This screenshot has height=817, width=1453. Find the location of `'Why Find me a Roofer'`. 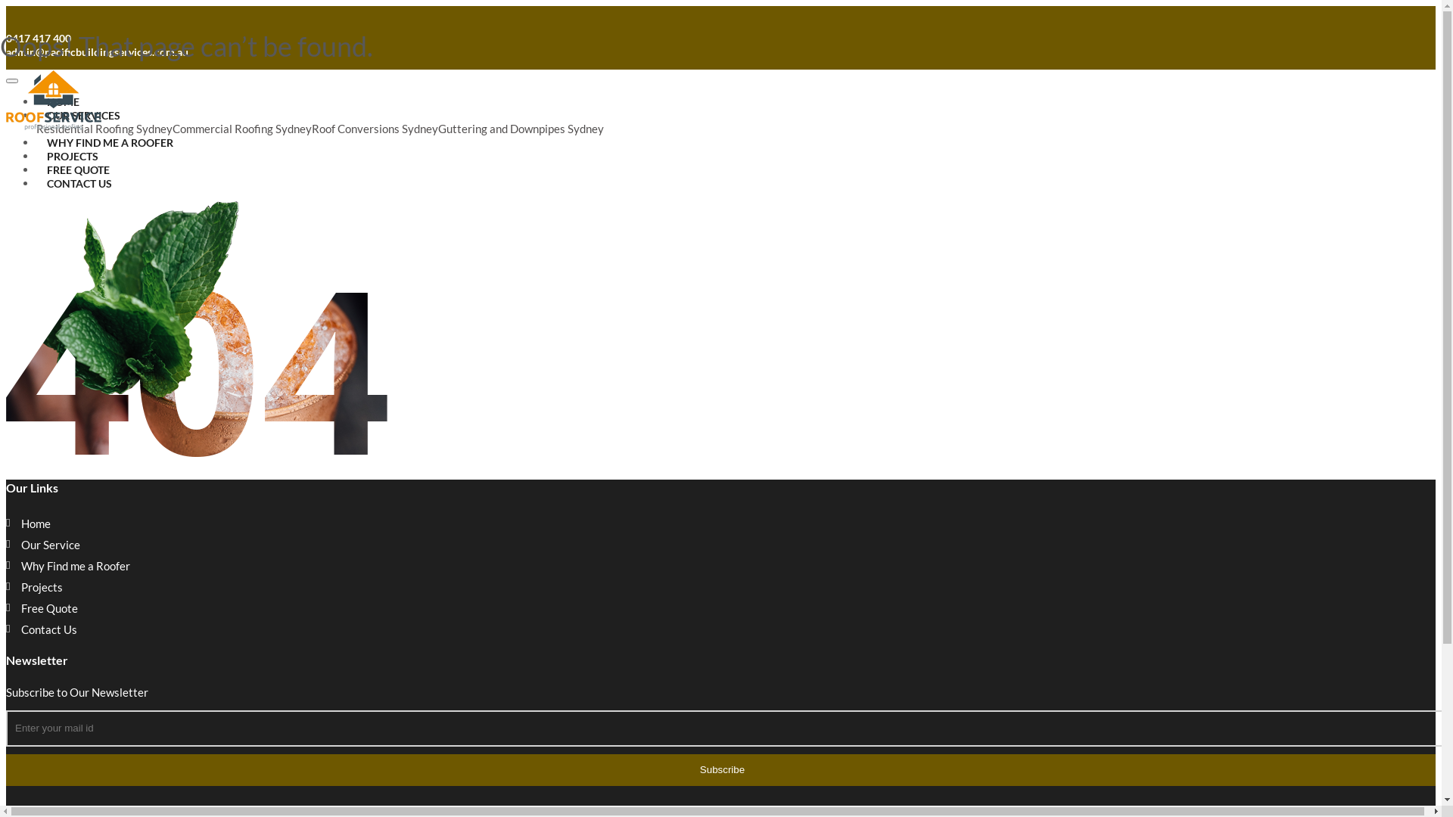

'Why Find me a Roofer' is located at coordinates (75, 566).